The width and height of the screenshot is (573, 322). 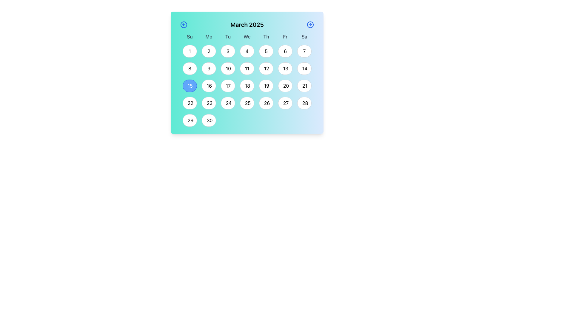 I want to click on the calendar day button representing the date '18', so click(x=247, y=86).